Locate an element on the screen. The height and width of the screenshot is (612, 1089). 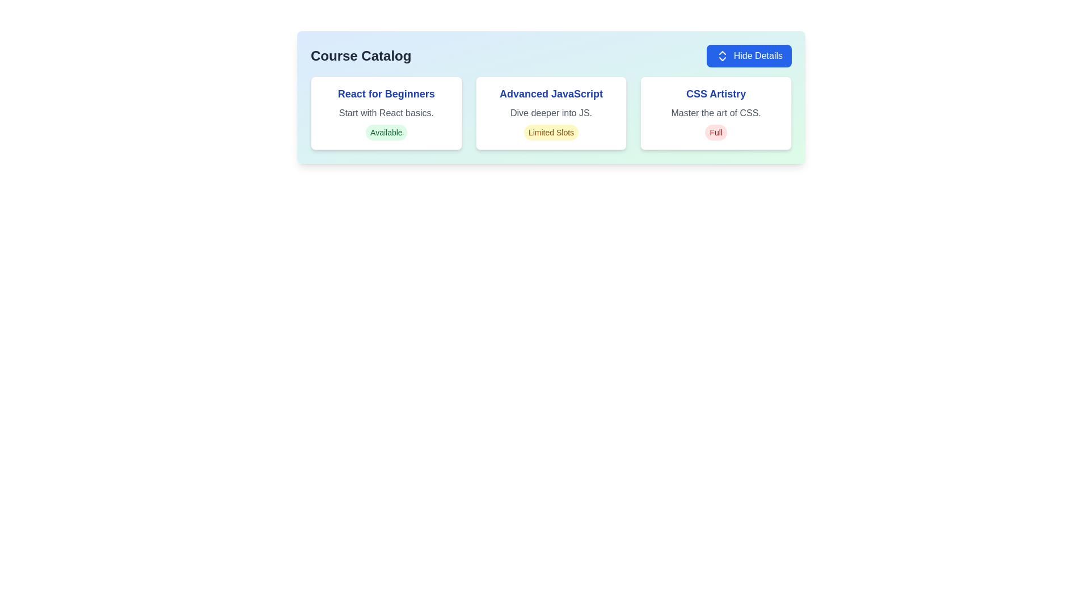
the informational card for the 'Advanced JavaScript' course in the Course Catalog is located at coordinates (551, 97).